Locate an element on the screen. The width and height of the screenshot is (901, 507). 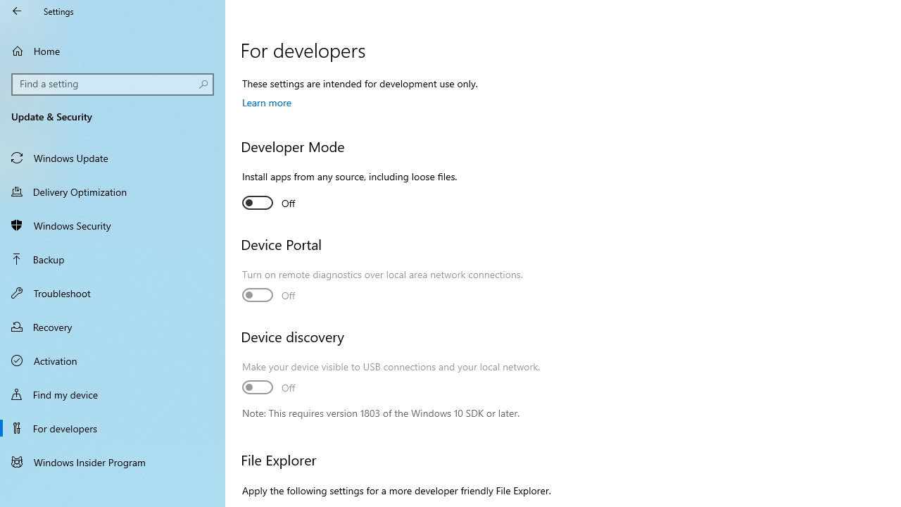
'Windows Update' is located at coordinates (113, 157).